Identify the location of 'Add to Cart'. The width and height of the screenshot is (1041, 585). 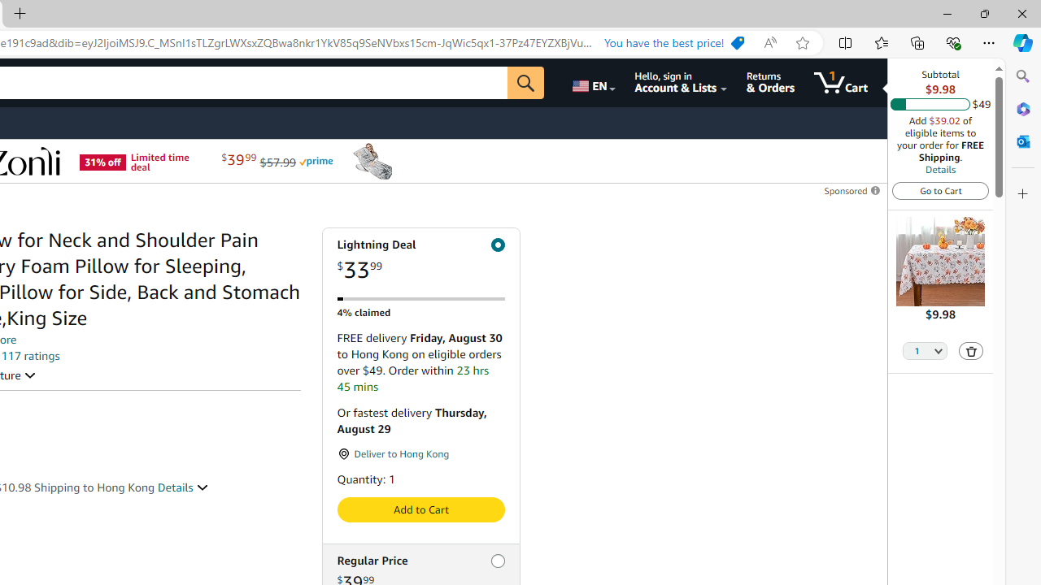
(420, 509).